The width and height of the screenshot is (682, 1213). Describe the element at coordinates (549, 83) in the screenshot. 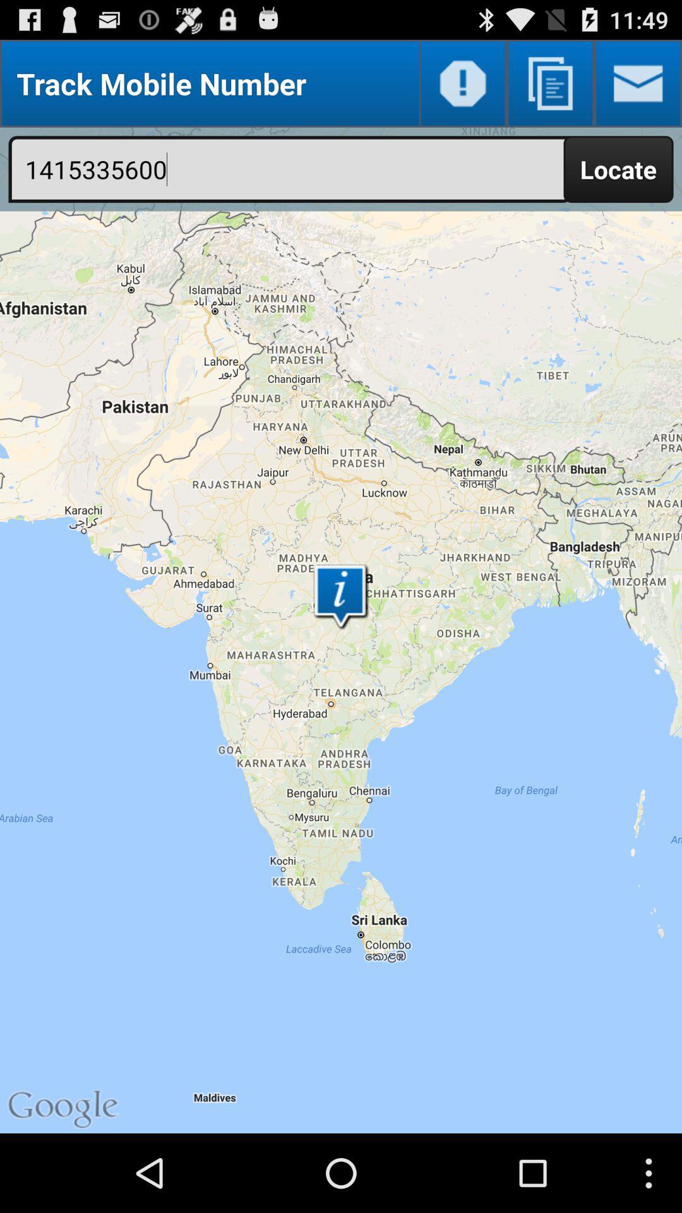

I see `copy tool` at that location.